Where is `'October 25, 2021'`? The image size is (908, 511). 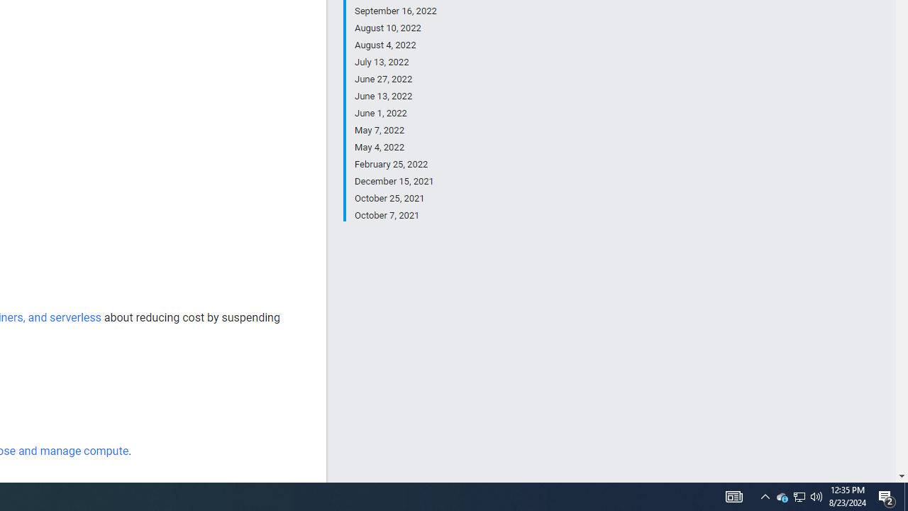
'October 25, 2021' is located at coordinates (395, 199).